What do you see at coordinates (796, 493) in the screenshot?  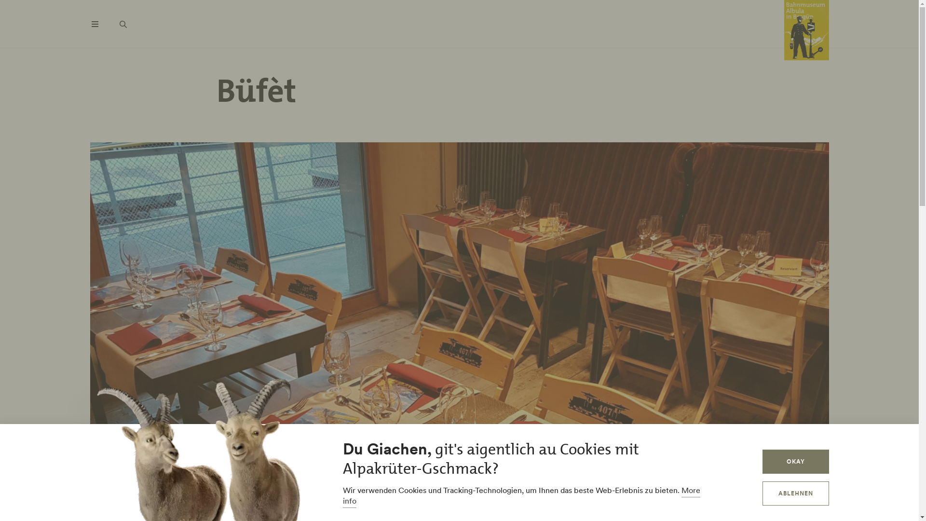 I see `'ABLEHNEN'` at bounding box center [796, 493].